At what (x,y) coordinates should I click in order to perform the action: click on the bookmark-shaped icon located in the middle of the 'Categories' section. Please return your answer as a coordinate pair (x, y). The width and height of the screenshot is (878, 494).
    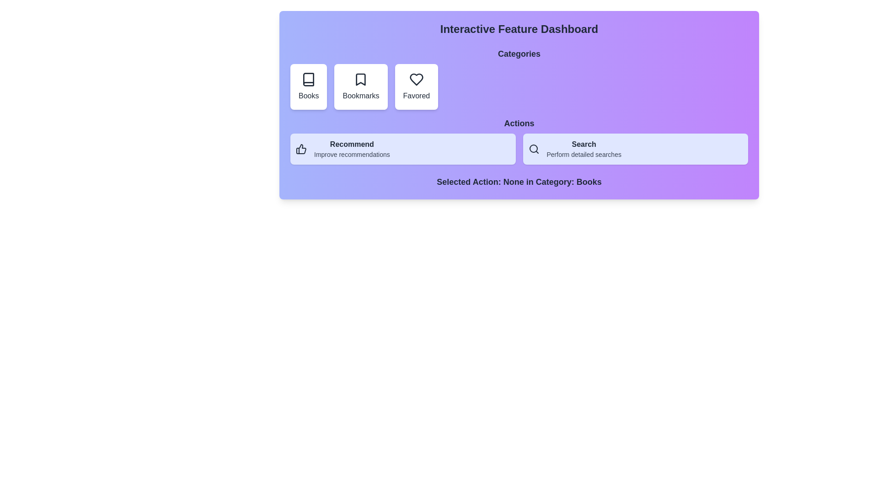
    Looking at the image, I should click on (360, 79).